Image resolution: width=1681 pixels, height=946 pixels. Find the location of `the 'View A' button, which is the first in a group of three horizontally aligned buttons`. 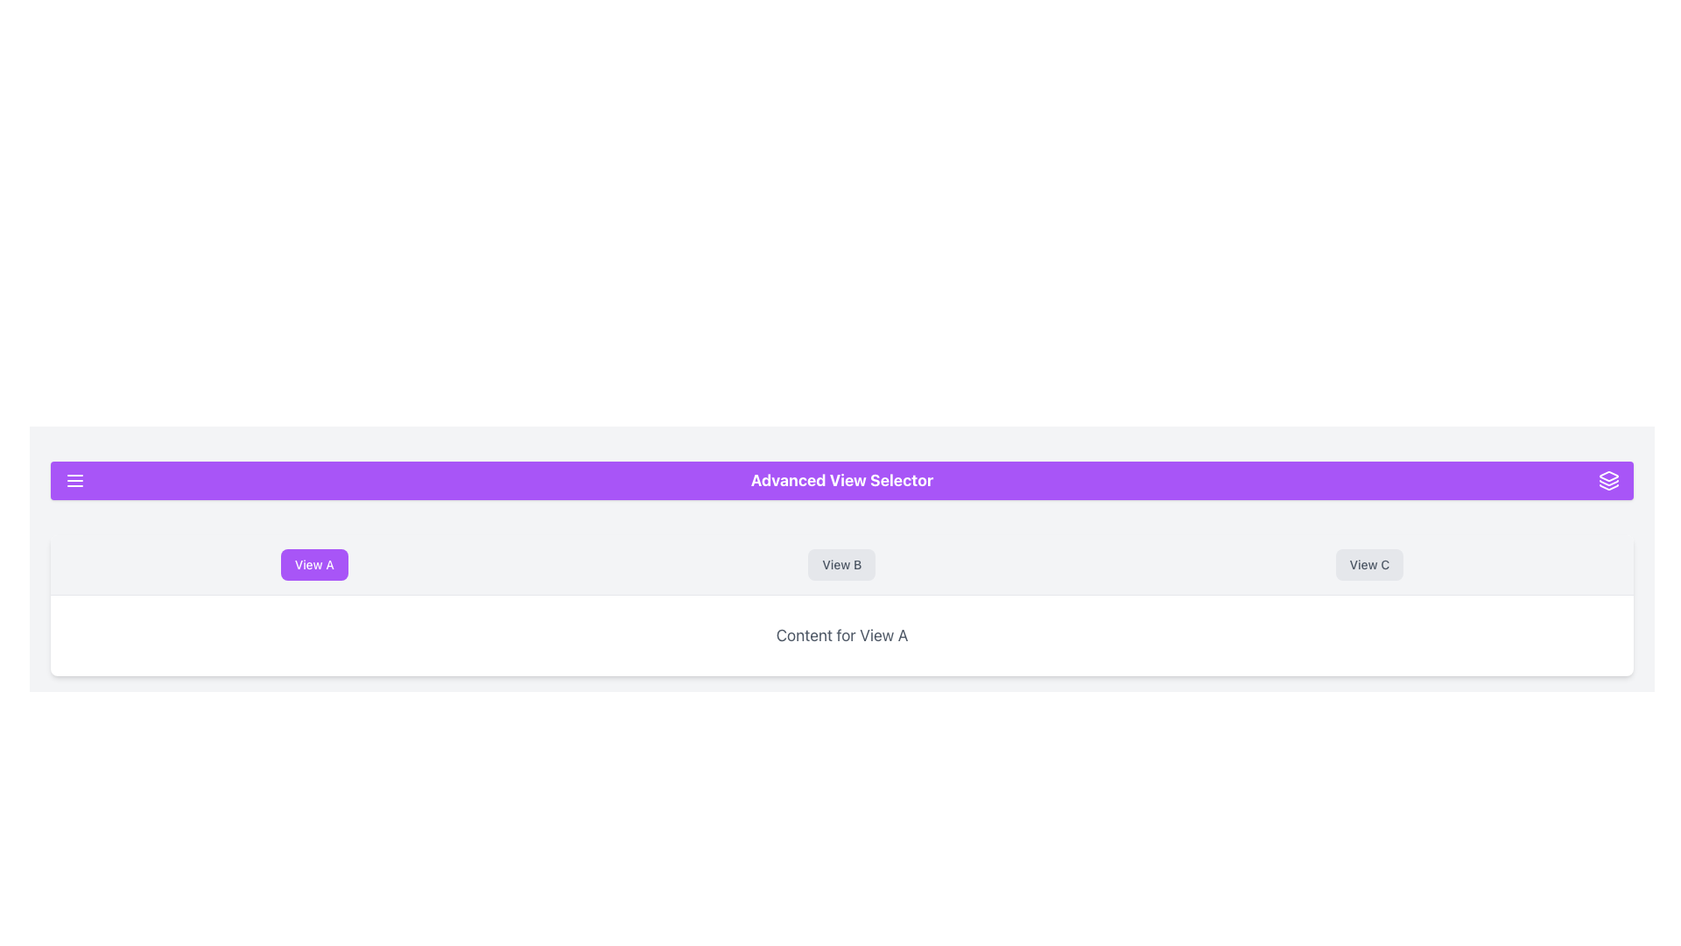

the 'View A' button, which is the first in a group of three horizontally aligned buttons is located at coordinates (314, 564).